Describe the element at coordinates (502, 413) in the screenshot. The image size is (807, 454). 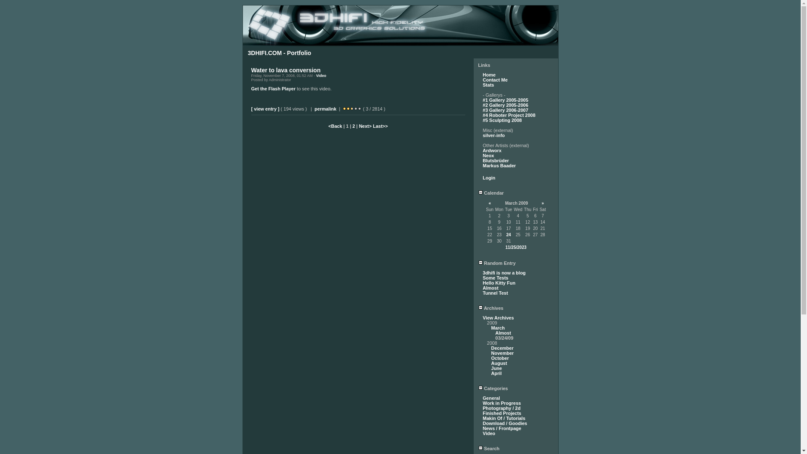
I see `'Finished Projects'` at that location.